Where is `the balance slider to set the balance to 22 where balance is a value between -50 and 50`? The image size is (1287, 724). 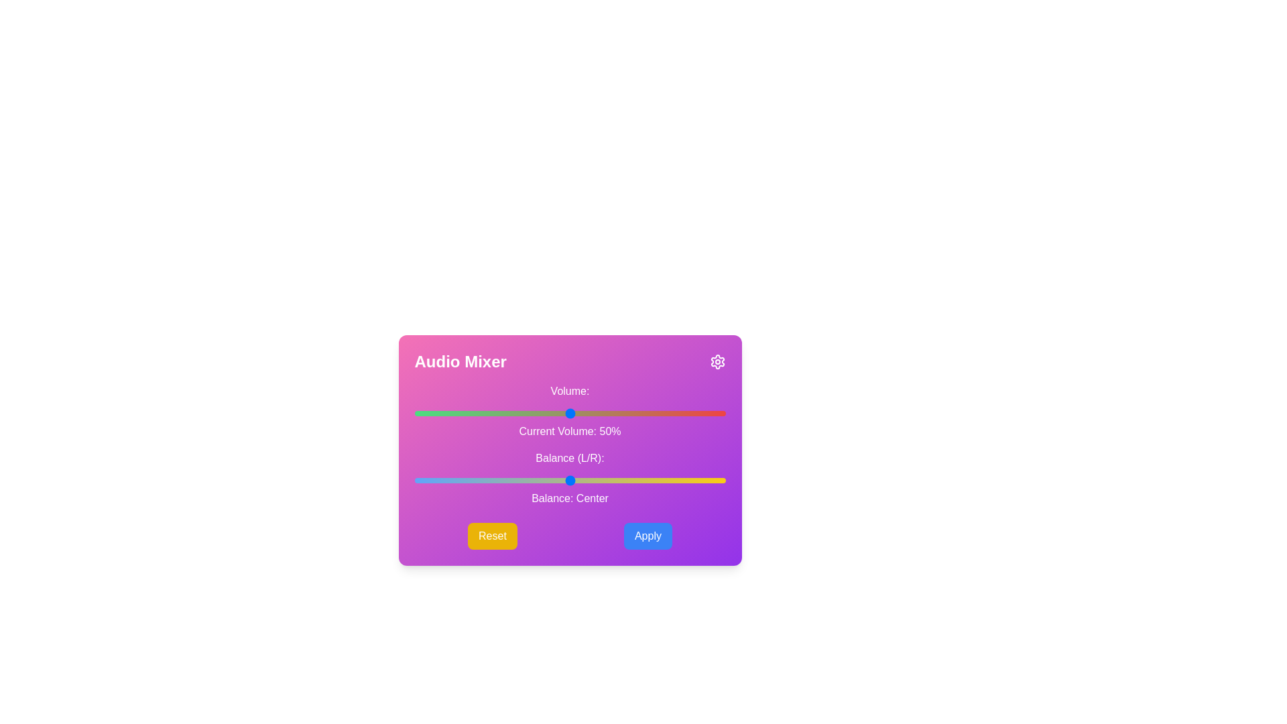 the balance slider to set the balance to 22 where balance is a value between -50 and 50 is located at coordinates (637, 480).